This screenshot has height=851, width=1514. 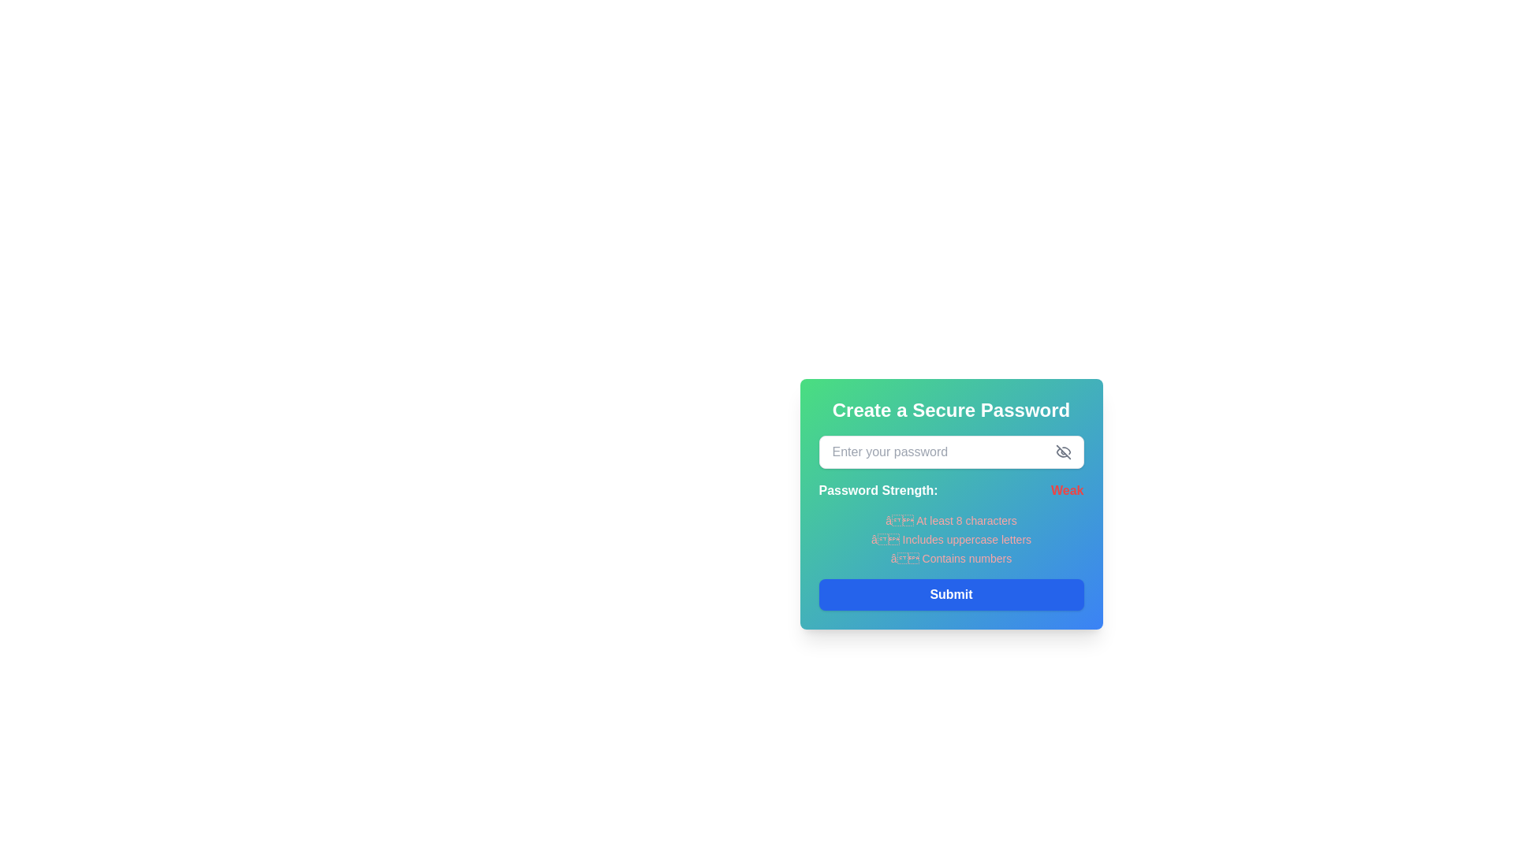 What do you see at coordinates (950, 520) in the screenshot?
I see `the informational text indicating that the entered password does not meet the 'at least 8 characters' criterion, which is the first in a vertical list under the 'Password Strength' heading` at bounding box center [950, 520].